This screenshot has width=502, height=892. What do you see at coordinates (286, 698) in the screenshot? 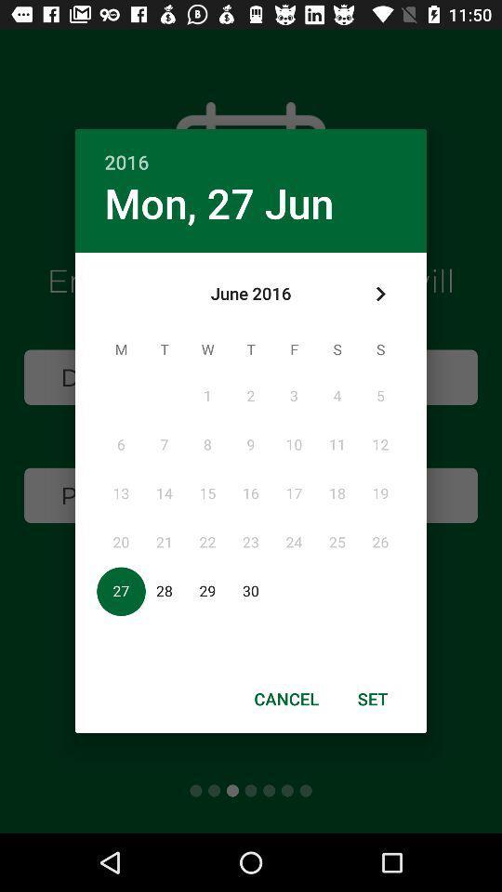
I see `the cancel item` at bounding box center [286, 698].